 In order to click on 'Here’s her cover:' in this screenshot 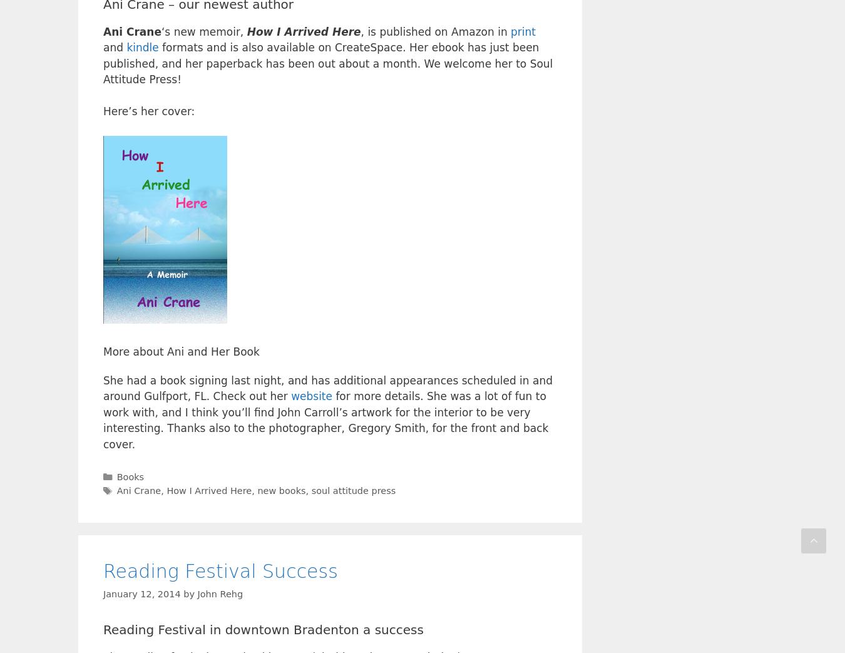, I will do `click(148, 111)`.